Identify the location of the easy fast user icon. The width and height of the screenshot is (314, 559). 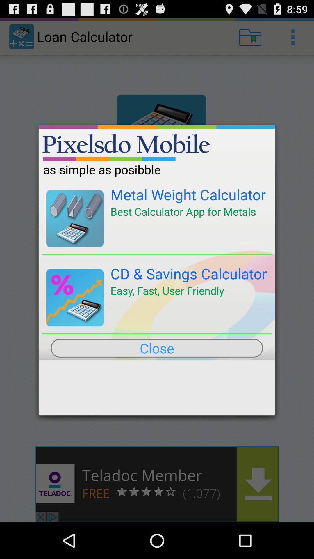
(167, 291).